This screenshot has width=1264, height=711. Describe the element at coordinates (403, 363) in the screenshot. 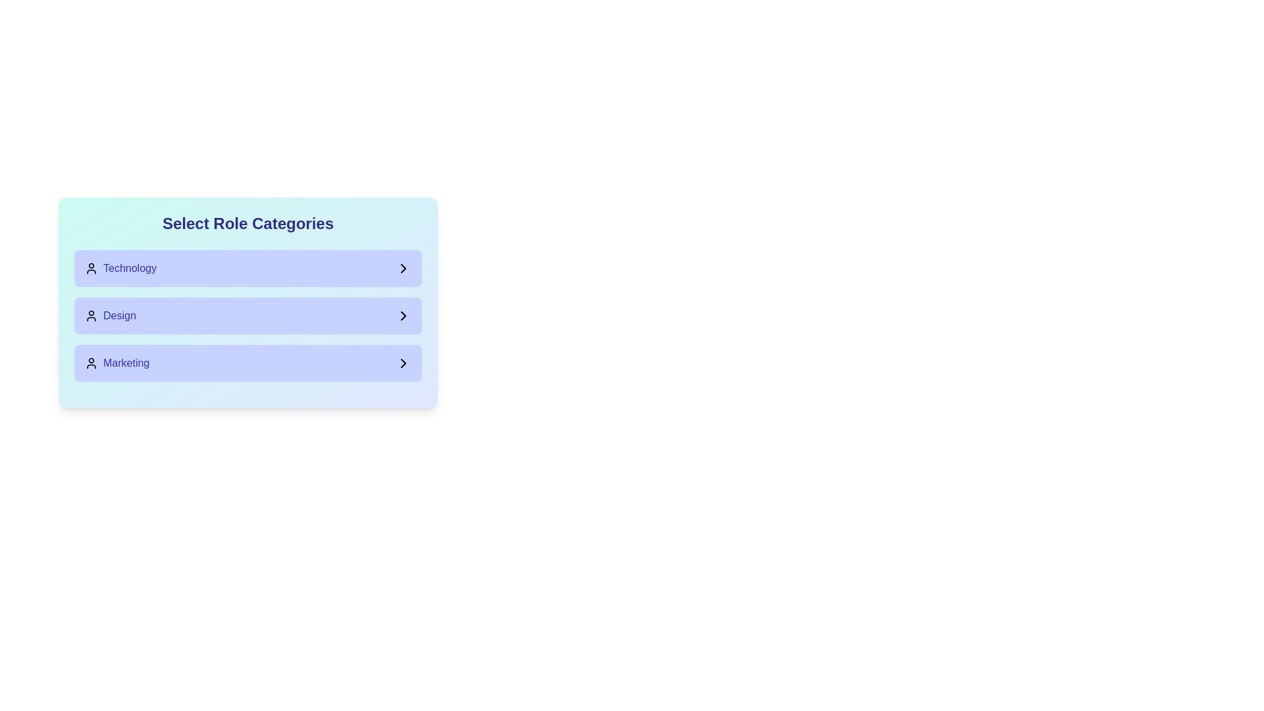

I see `the right-facing chevron arrow icon located at the right end of the 'Marketing' entry in the 'Select Role Categories' list` at that location.